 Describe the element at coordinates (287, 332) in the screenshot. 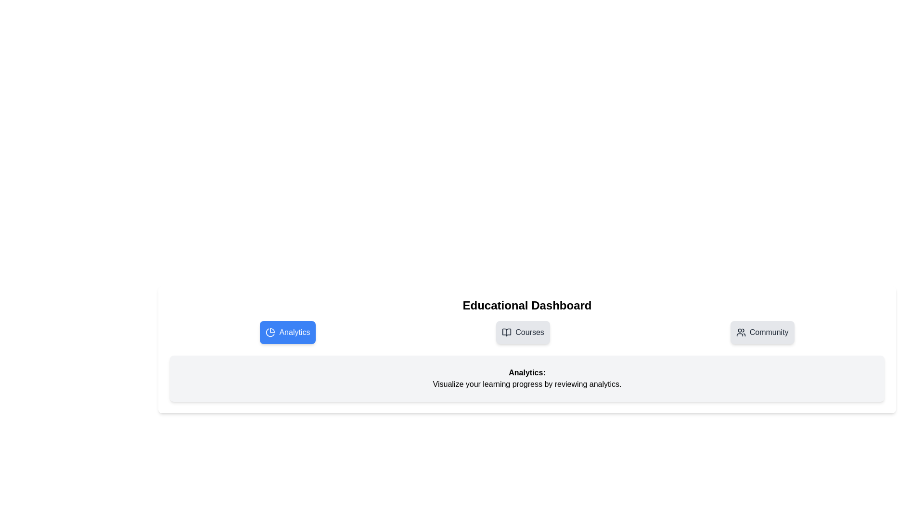

I see `the Analytics tab by clicking on its button` at that location.